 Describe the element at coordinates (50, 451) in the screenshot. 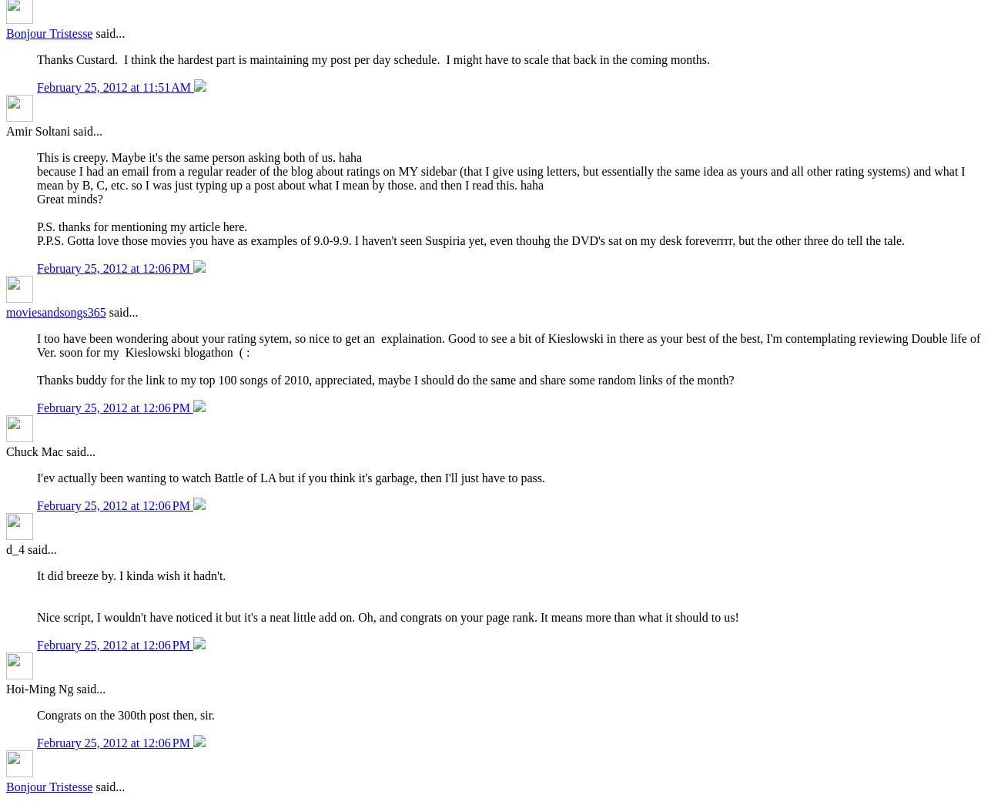

I see `'Chuck Mac
said...'` at that location.